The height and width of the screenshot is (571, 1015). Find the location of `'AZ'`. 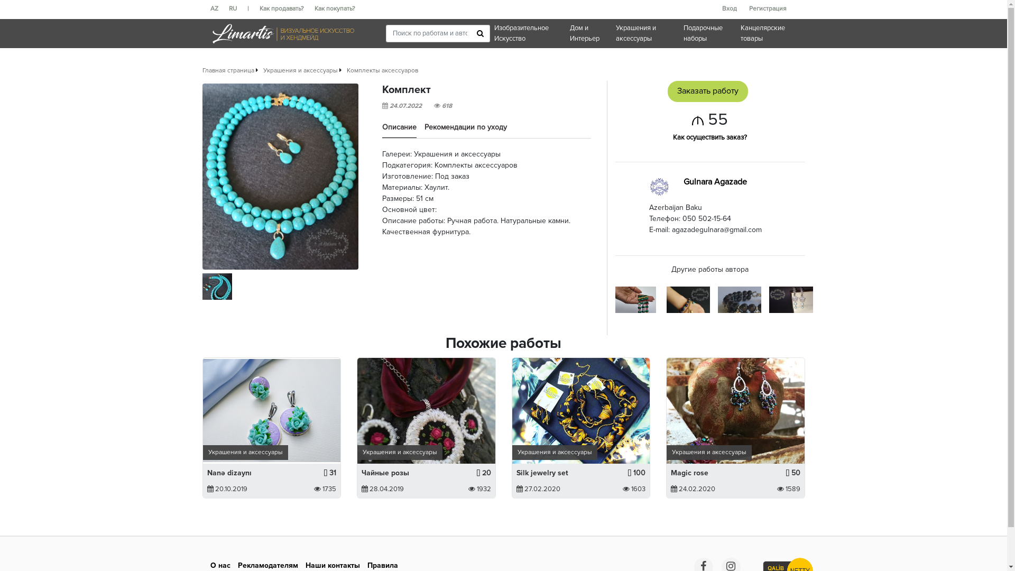

'AZ' is located at coordinates (219, 8).